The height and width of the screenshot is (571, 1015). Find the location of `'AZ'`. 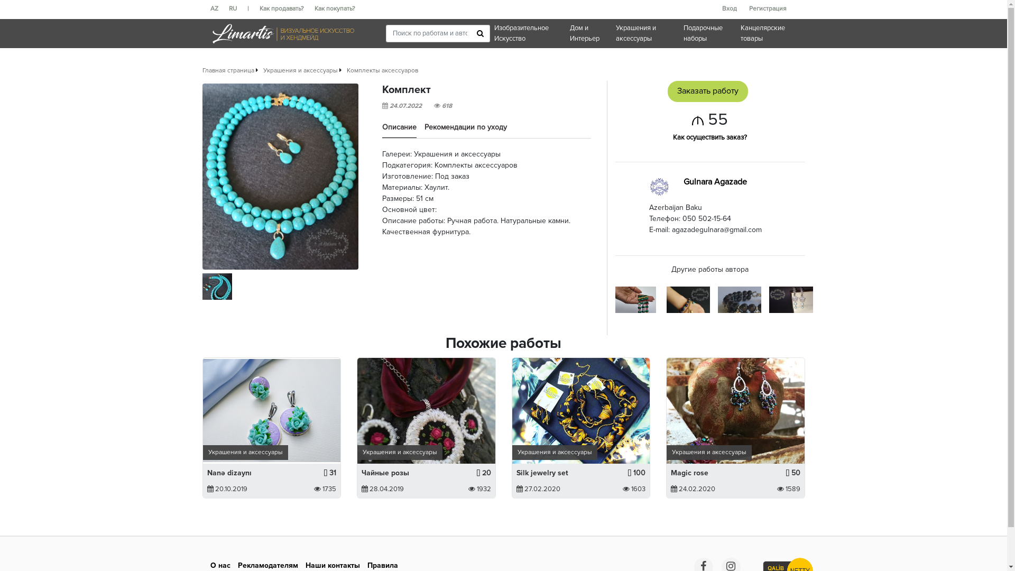

'AZ' is located at coordinates (219, 8).